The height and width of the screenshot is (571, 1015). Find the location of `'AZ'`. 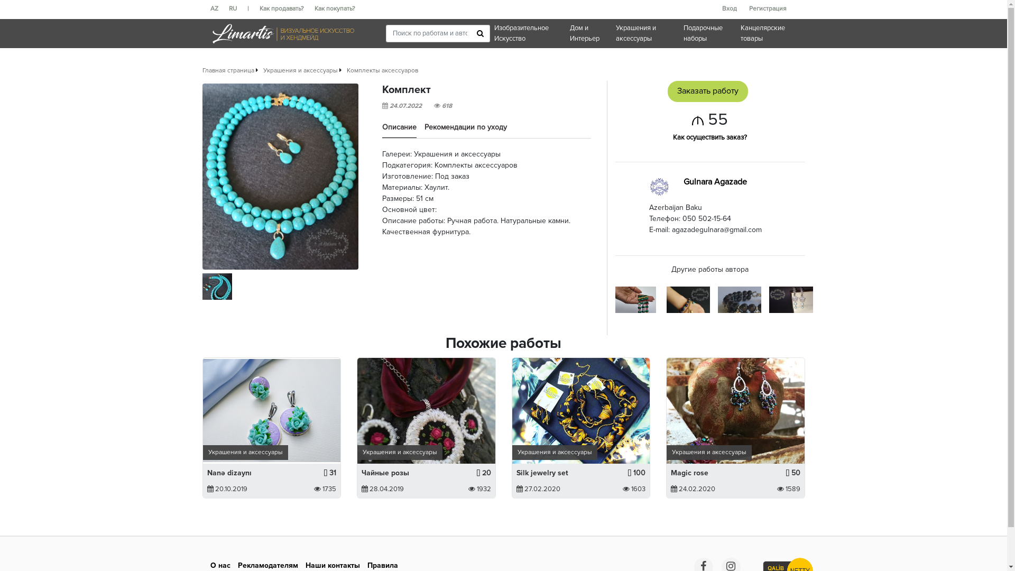

'AZ' is located at coordinates (219, 8).